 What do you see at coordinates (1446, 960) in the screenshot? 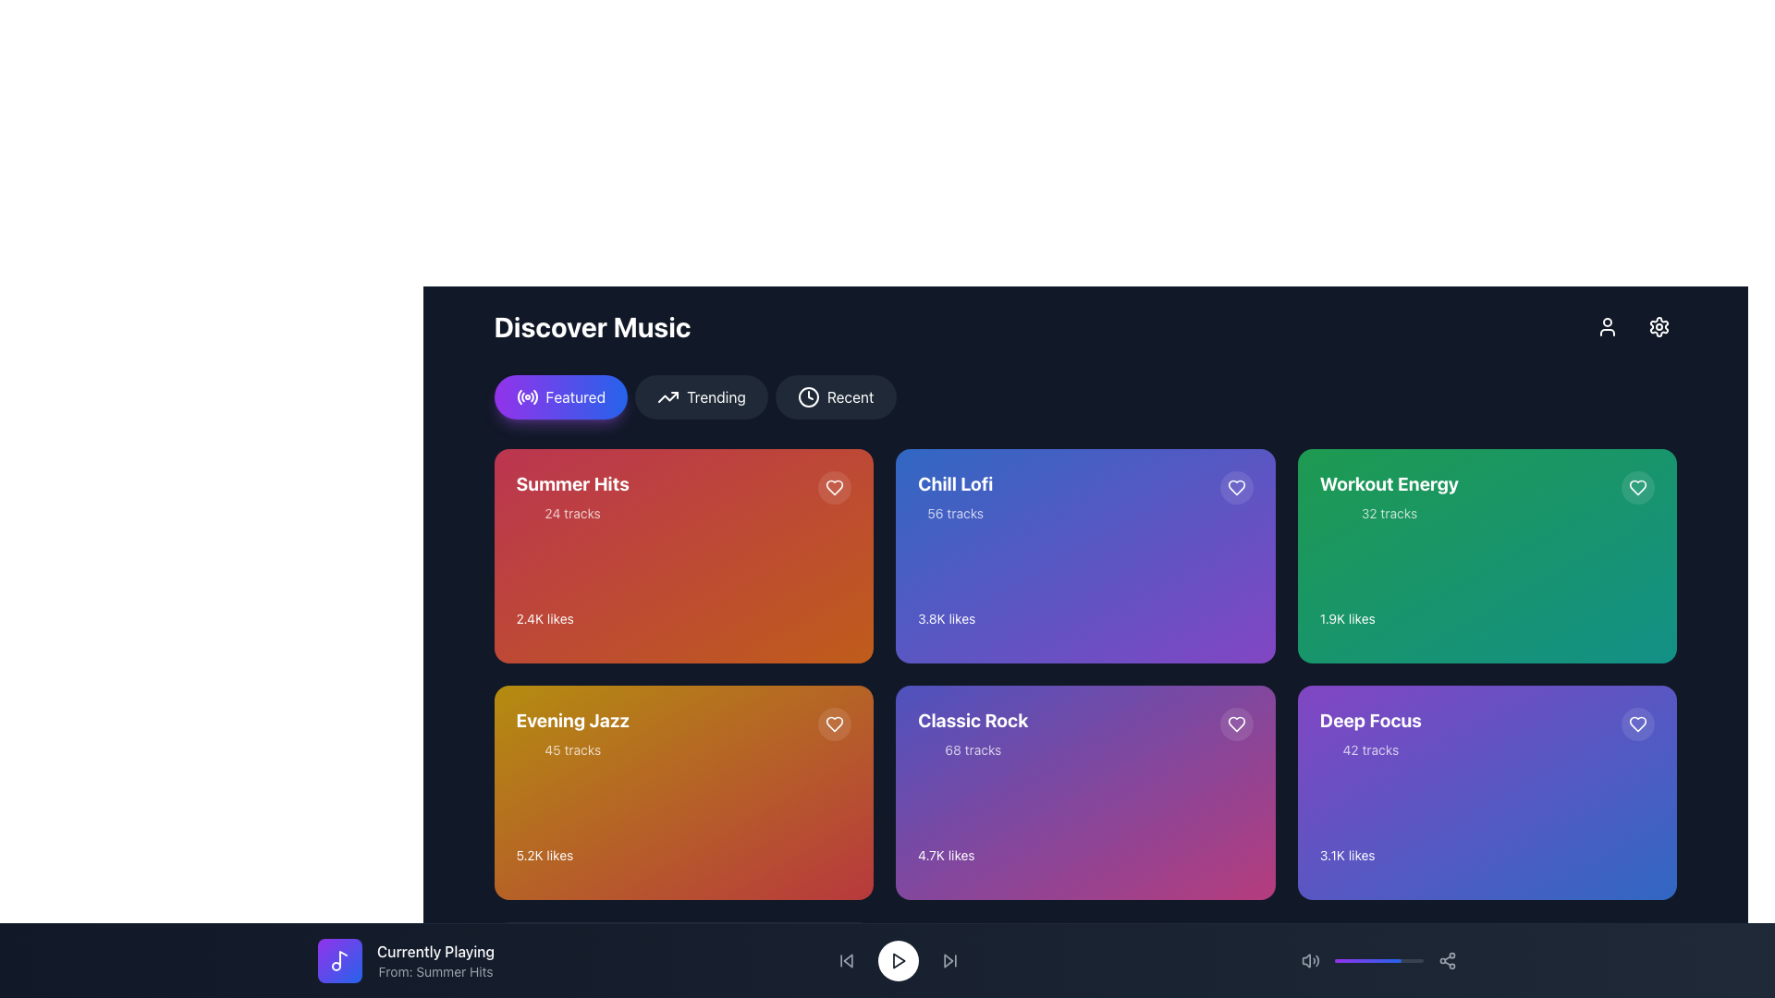
I see `the share icon button` at bounding box center [1446, 960].